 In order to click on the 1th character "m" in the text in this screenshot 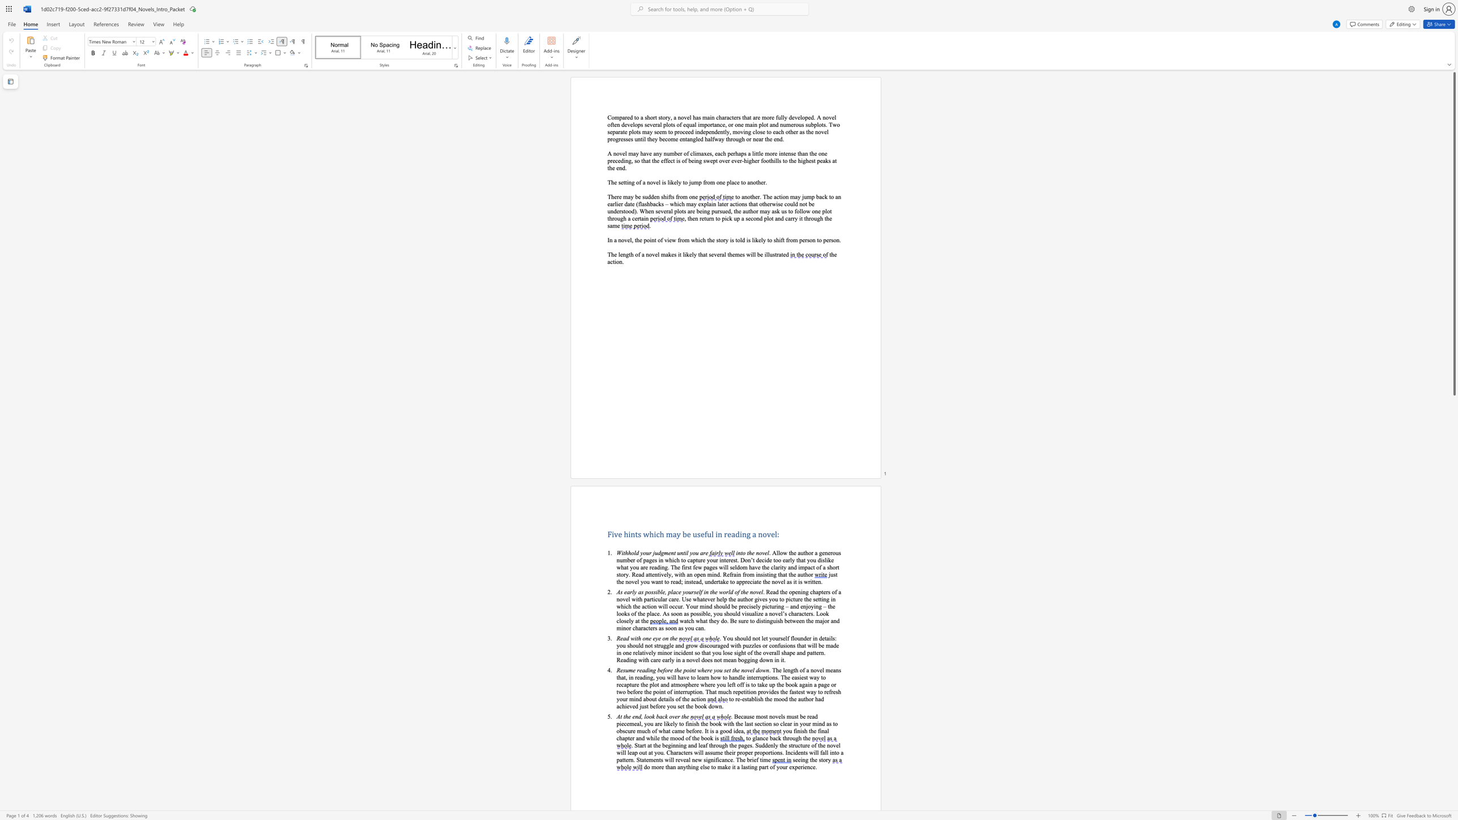, I will do `click(631, 669)`.